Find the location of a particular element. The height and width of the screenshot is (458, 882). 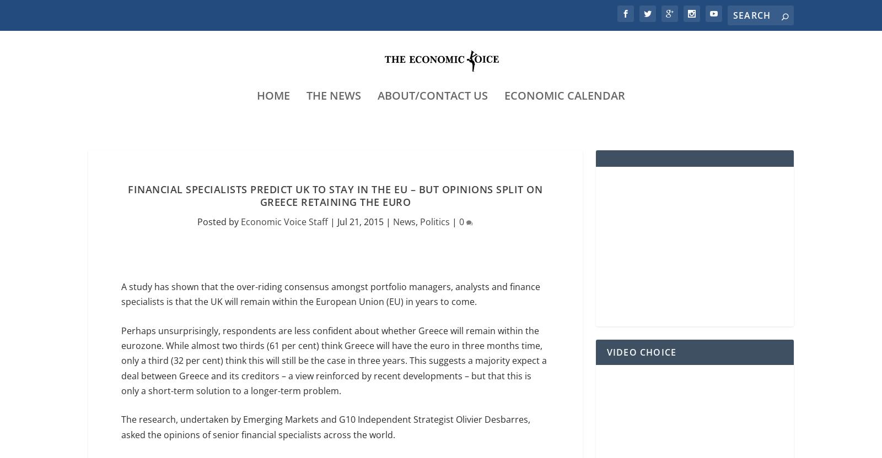

'News' is located at coordinates (404, 222).